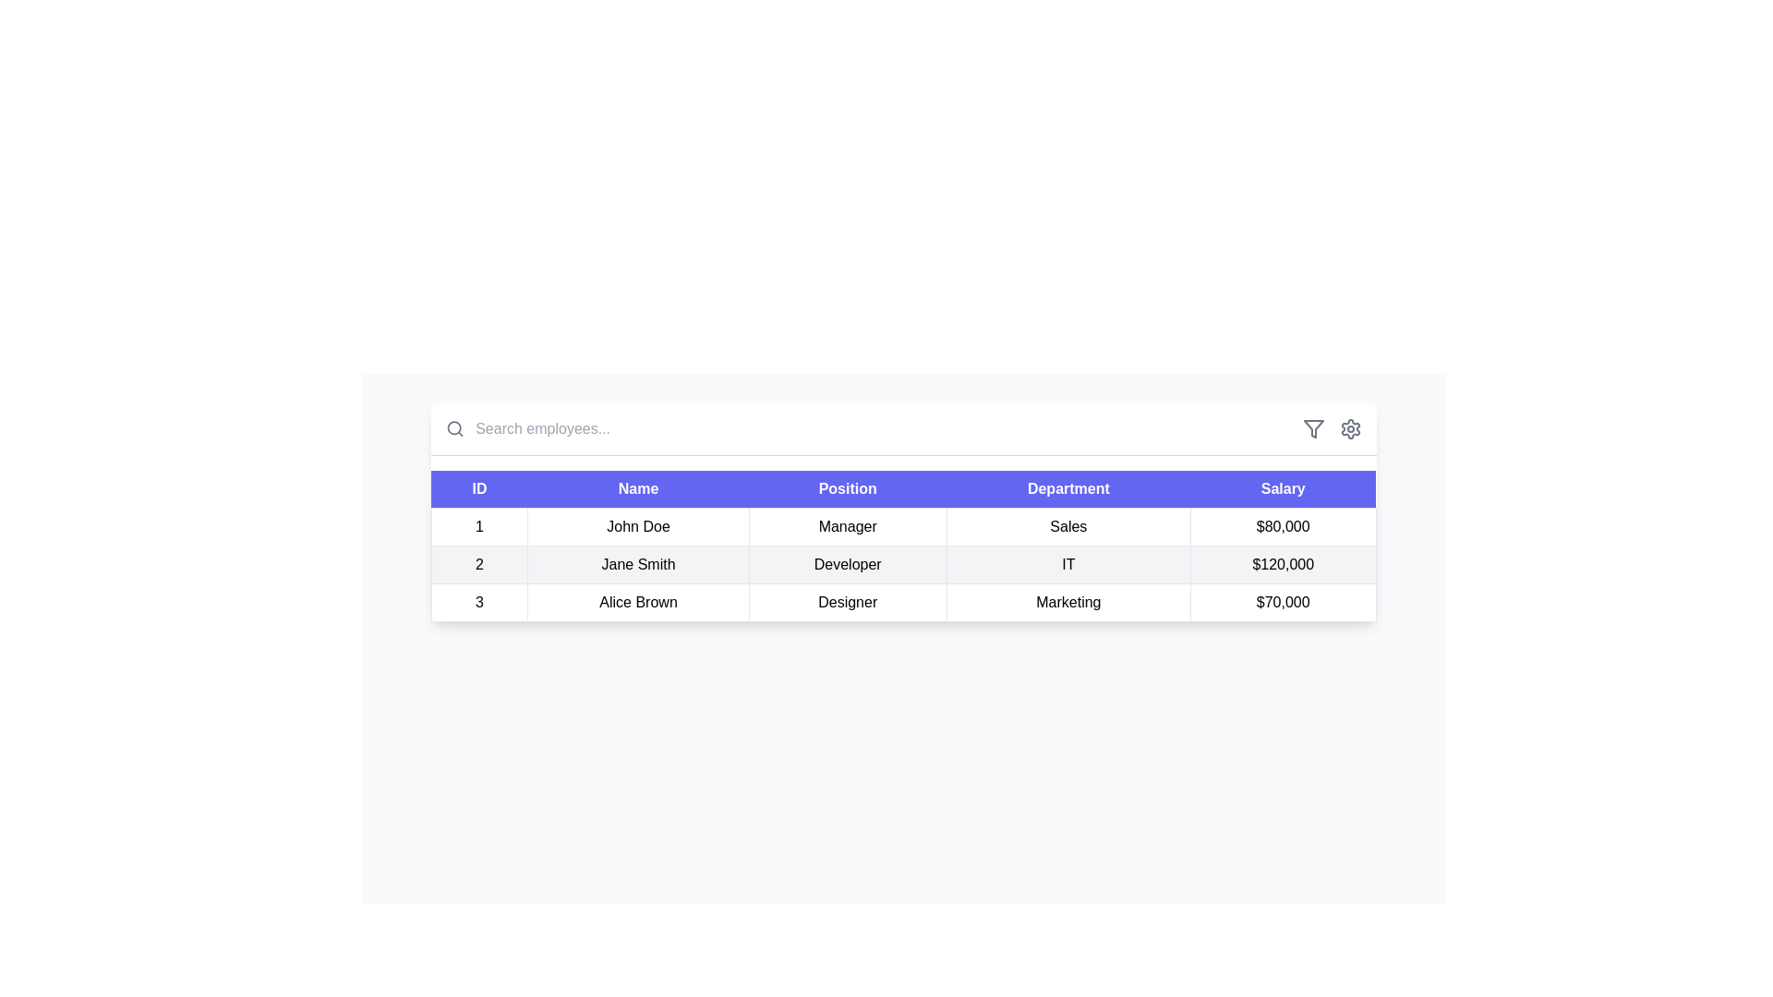  What do you see at coordinates (1282, 602) in the screenshot?
I see `salary information displayed as '$70,000' for 'Alice Brown' in the Salary column of the table` at bounding box center [1282, 602].